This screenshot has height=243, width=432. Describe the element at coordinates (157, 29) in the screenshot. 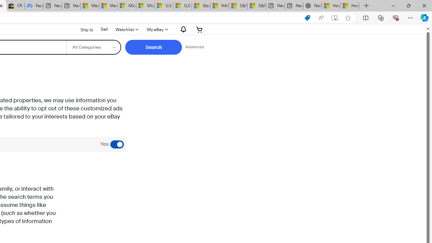

I see `'My eBayExpand My eBay'` at that location.